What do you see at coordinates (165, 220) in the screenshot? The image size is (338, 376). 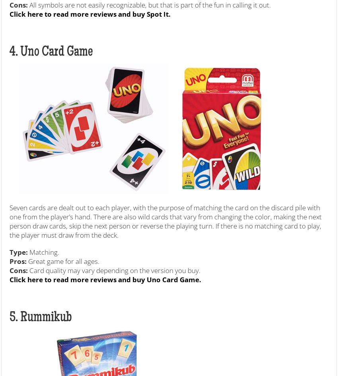 I see `'Seven cards are dealt out to each player, with the purpose of matching the card on the discard pile with one from the player’s hand. There are also wild cards that vary from changing the color, making the next person draw cards, skip the next person or reverse the playing turn. If there is no matching card to play, the player must draw from the deck.'` at bounding box center [165, 220].